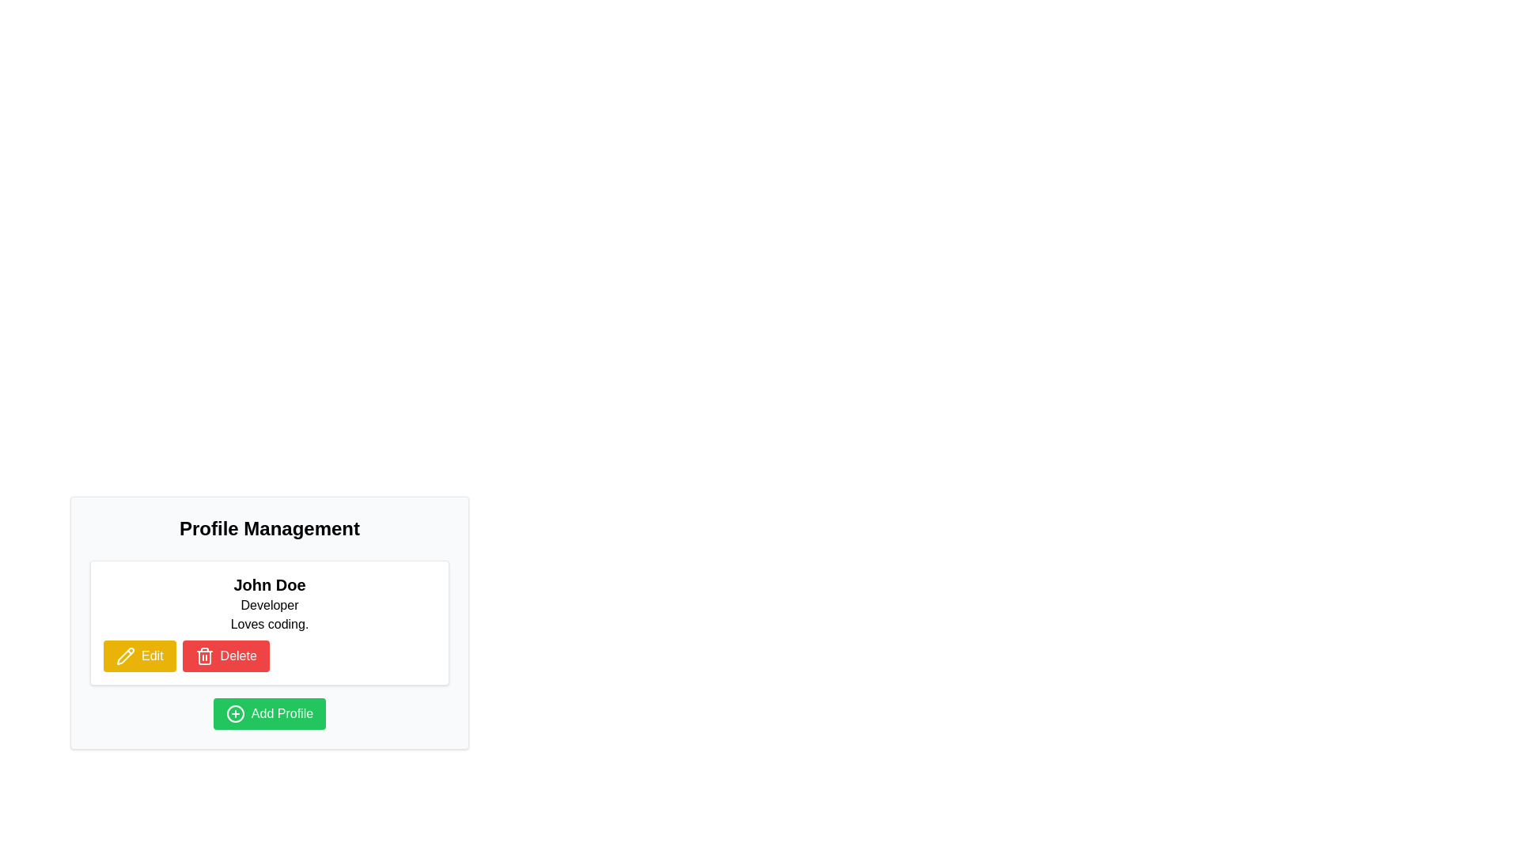  Describe the element at coordinates (269, 713) in the screenshot. I see `the 'Add New Profile' button located at the bottom center of the 'Profile Management' section` at that location.